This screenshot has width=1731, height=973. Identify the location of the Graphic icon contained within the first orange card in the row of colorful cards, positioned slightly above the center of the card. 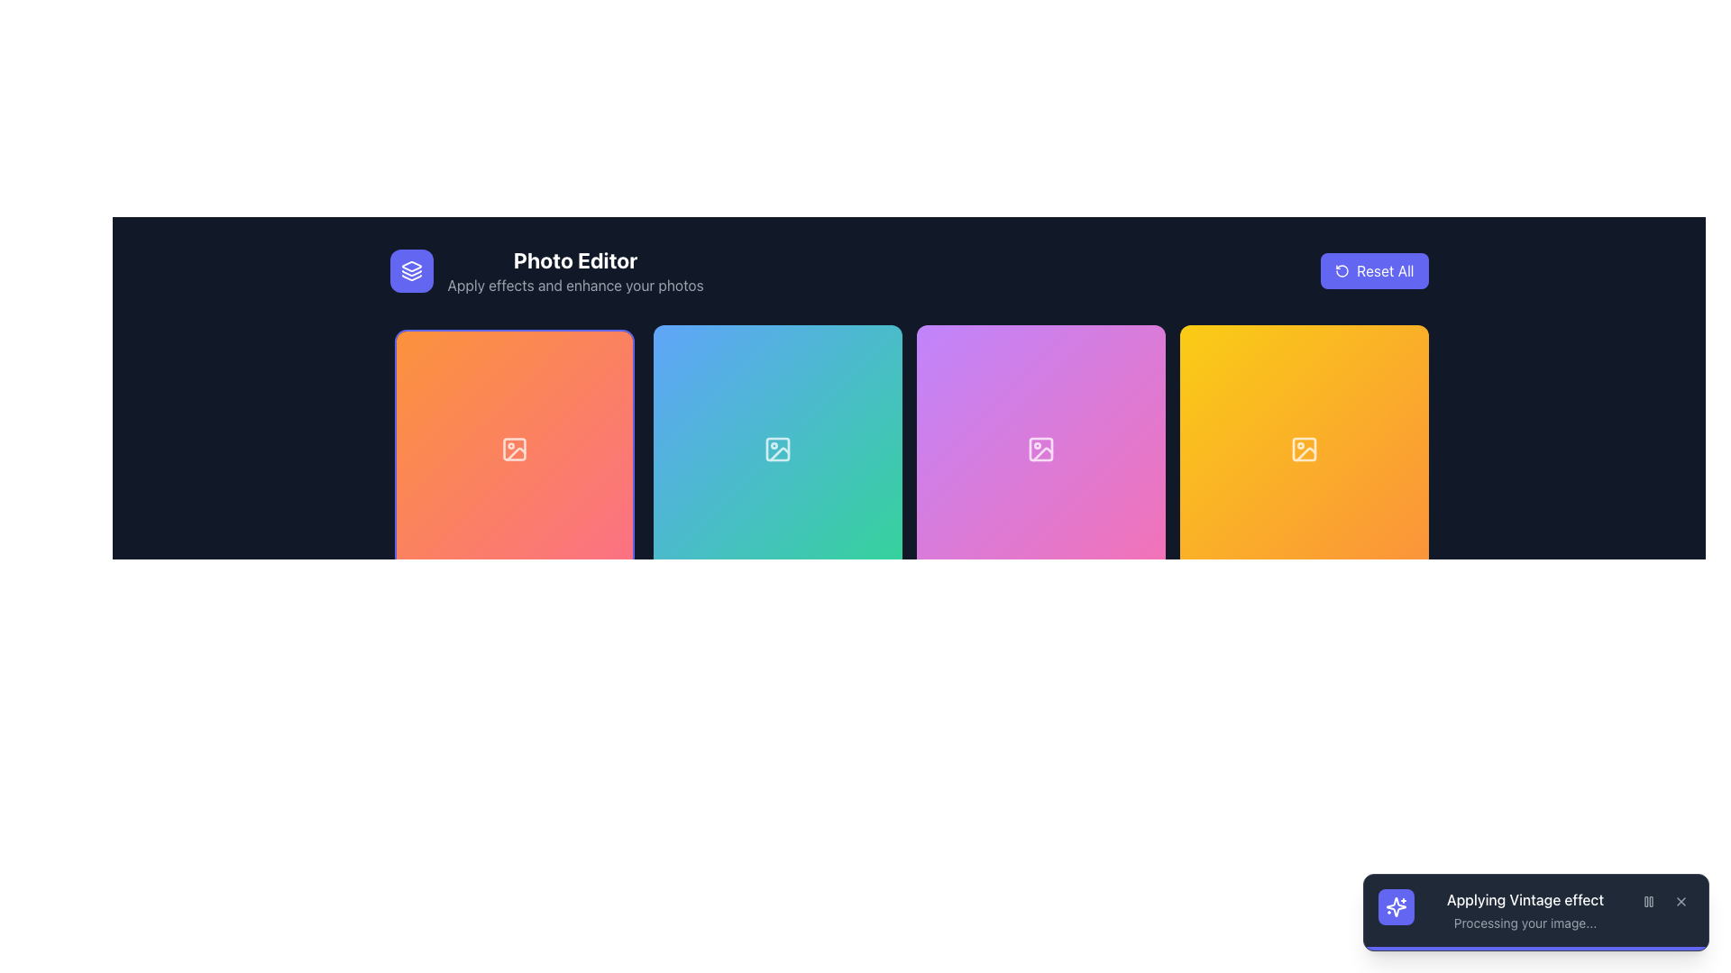
(515, 453).